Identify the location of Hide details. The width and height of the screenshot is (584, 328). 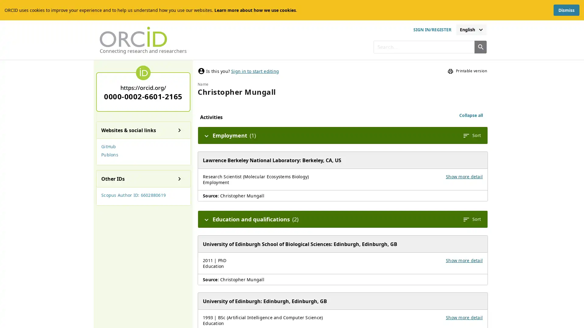
(206, 135).